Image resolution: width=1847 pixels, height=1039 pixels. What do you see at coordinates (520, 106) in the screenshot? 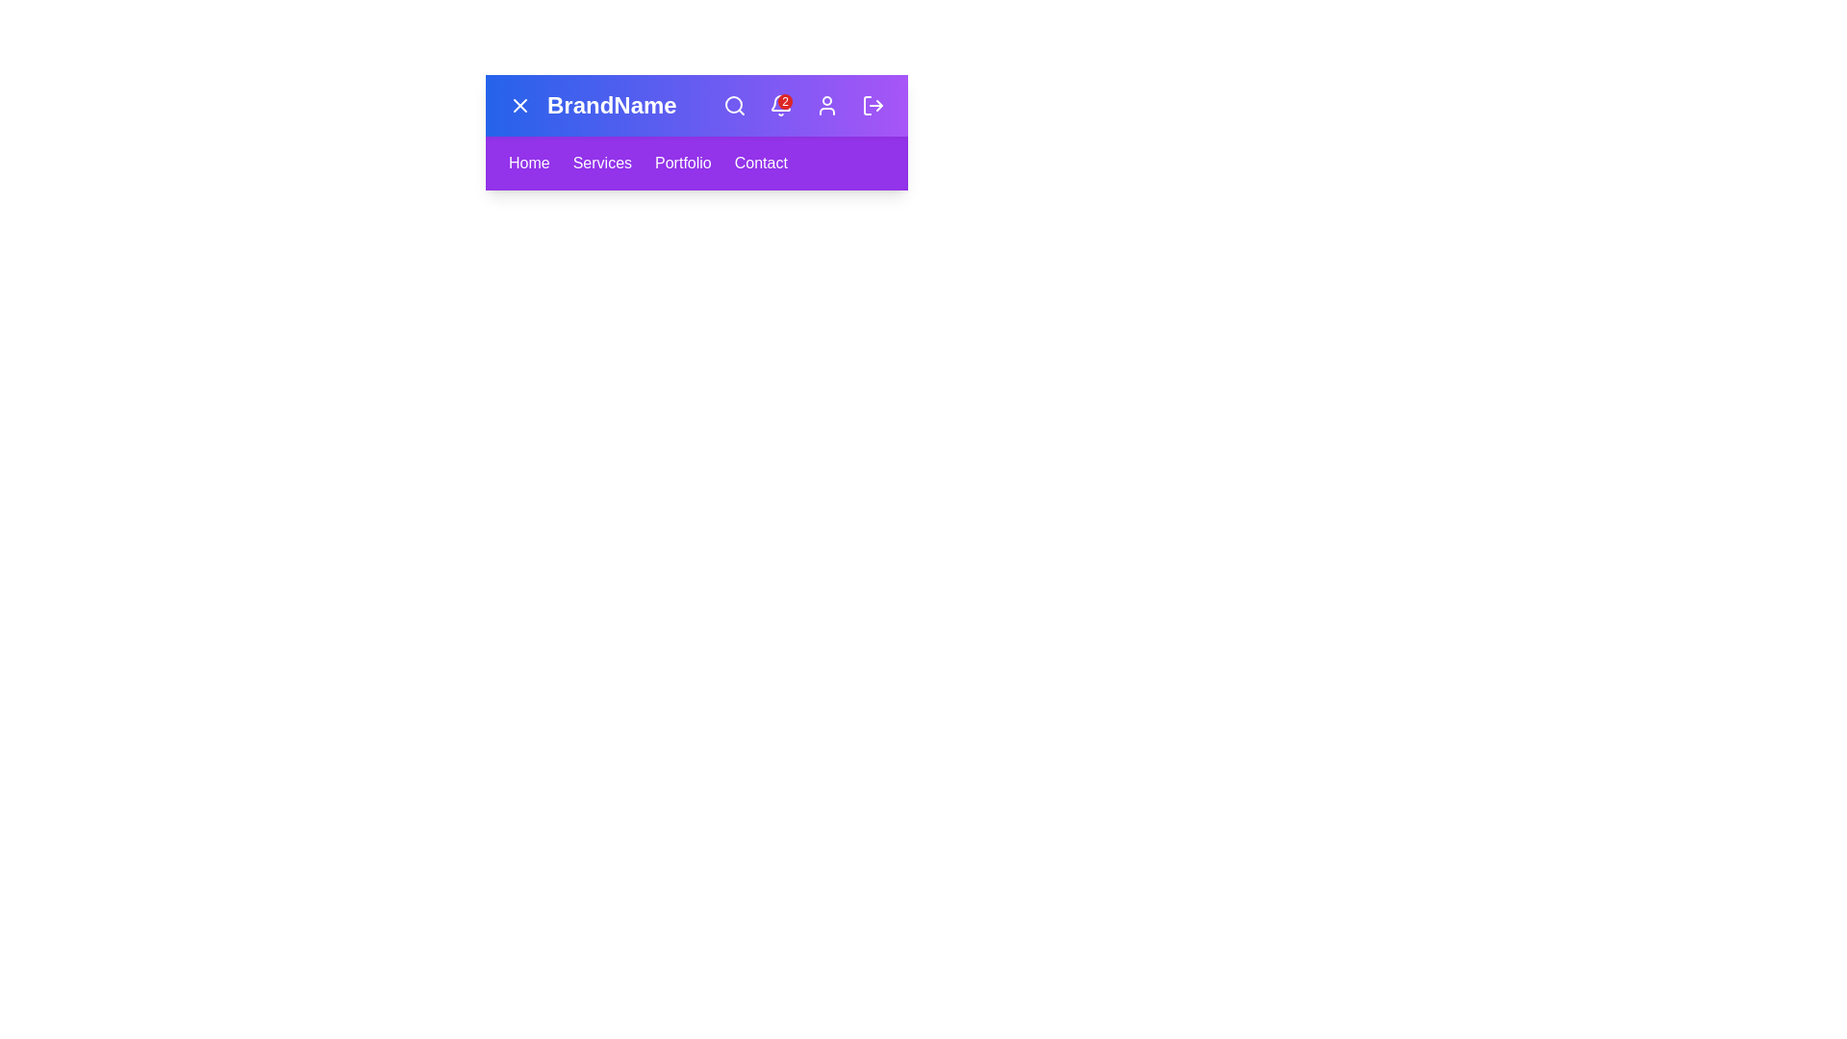
I see `the close button with a blue background and a white cross, located at the top left corner of the navigation bar` at bounding box center [520, 106].